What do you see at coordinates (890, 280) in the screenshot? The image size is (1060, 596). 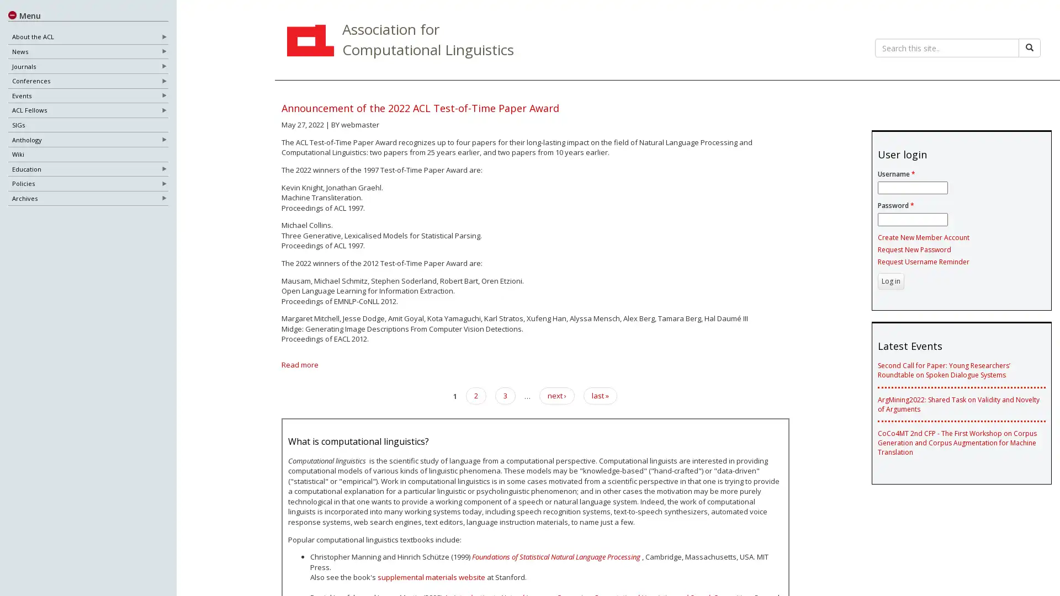 I see `Log in` at bounding box center [890, 280].